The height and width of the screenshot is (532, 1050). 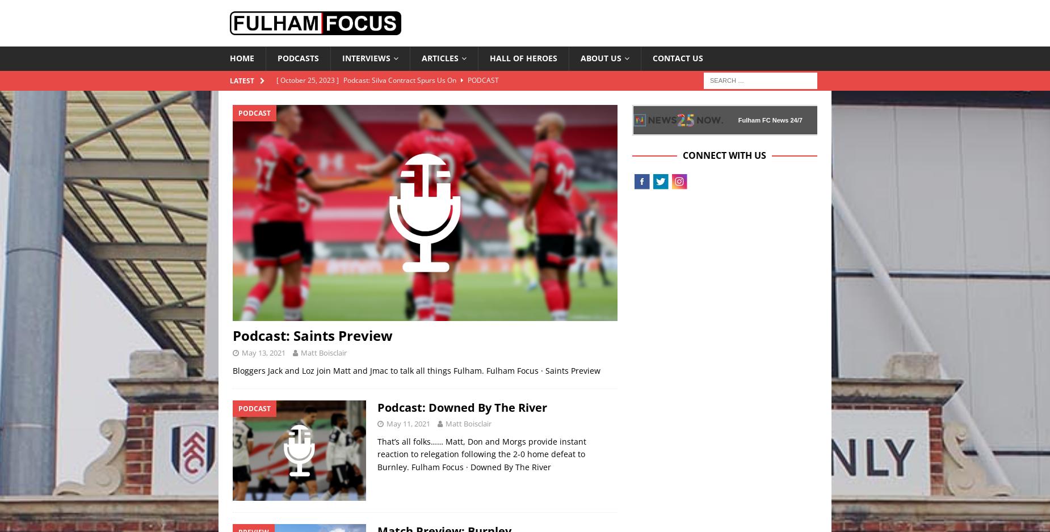 What do you see at coordinates (481, 453) in the screenshot?
I see `'That’s all folks…… Matt, Don and Morgs provide instant reaction to relegation following the 2-0 home defeat to Burnley. Fulham Focus · Downed By The River'` at bounding box center [481, 453].